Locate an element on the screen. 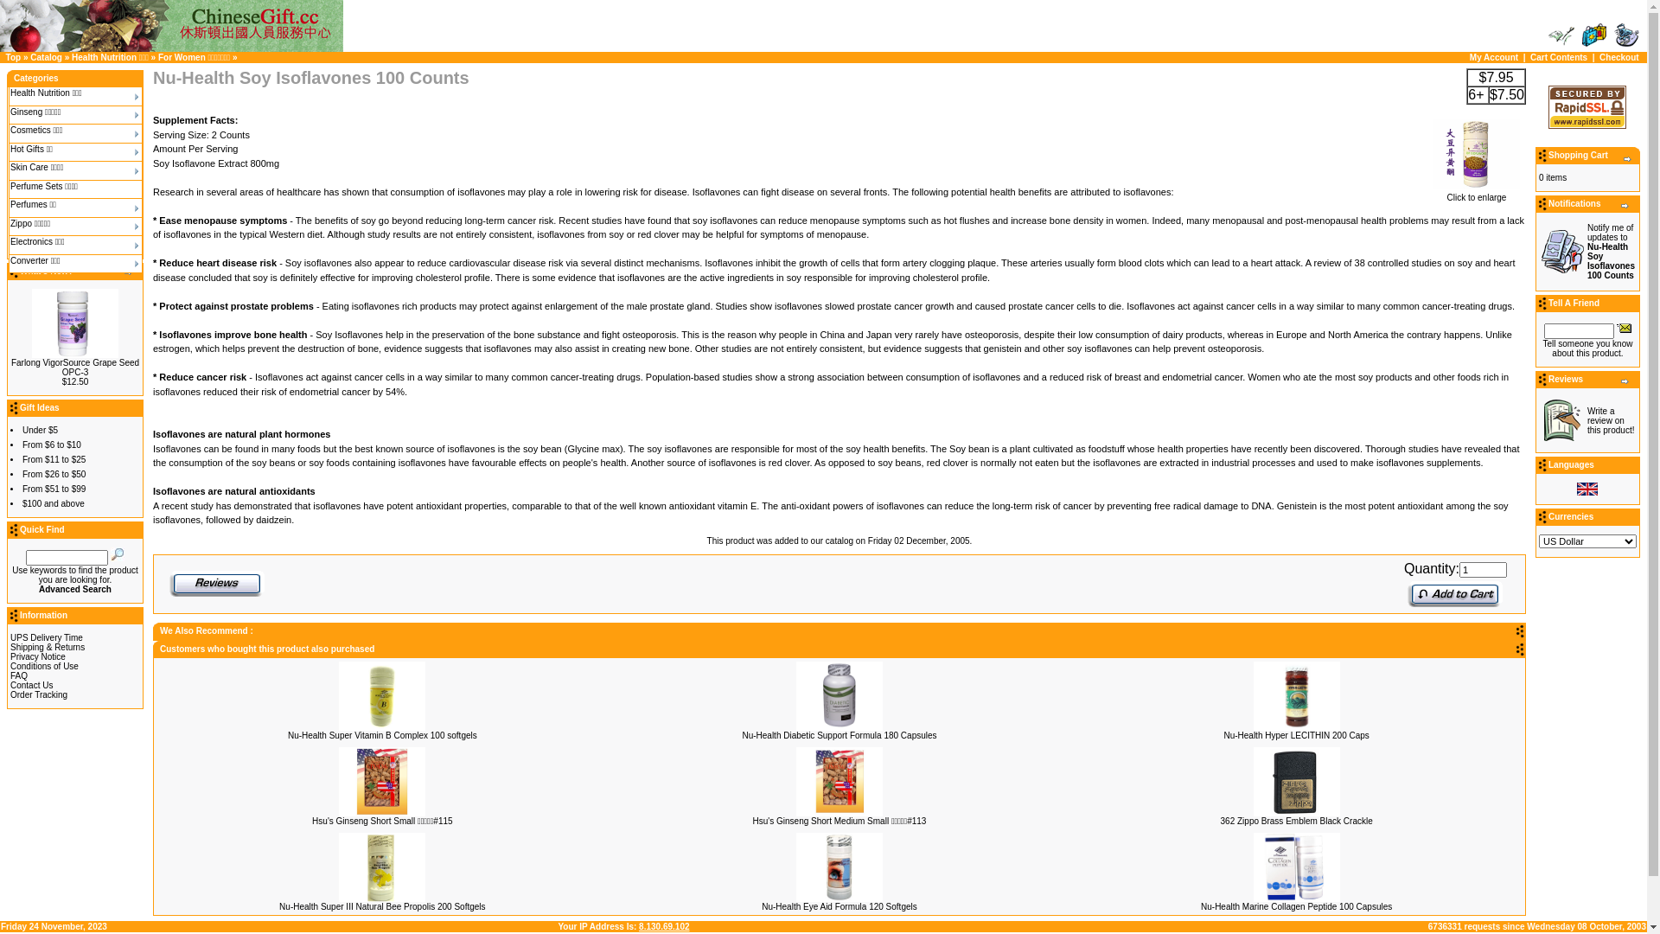  'Nu-Health Super Vitamin B Complex 100 softgels' is located at coordinates (381, 734).